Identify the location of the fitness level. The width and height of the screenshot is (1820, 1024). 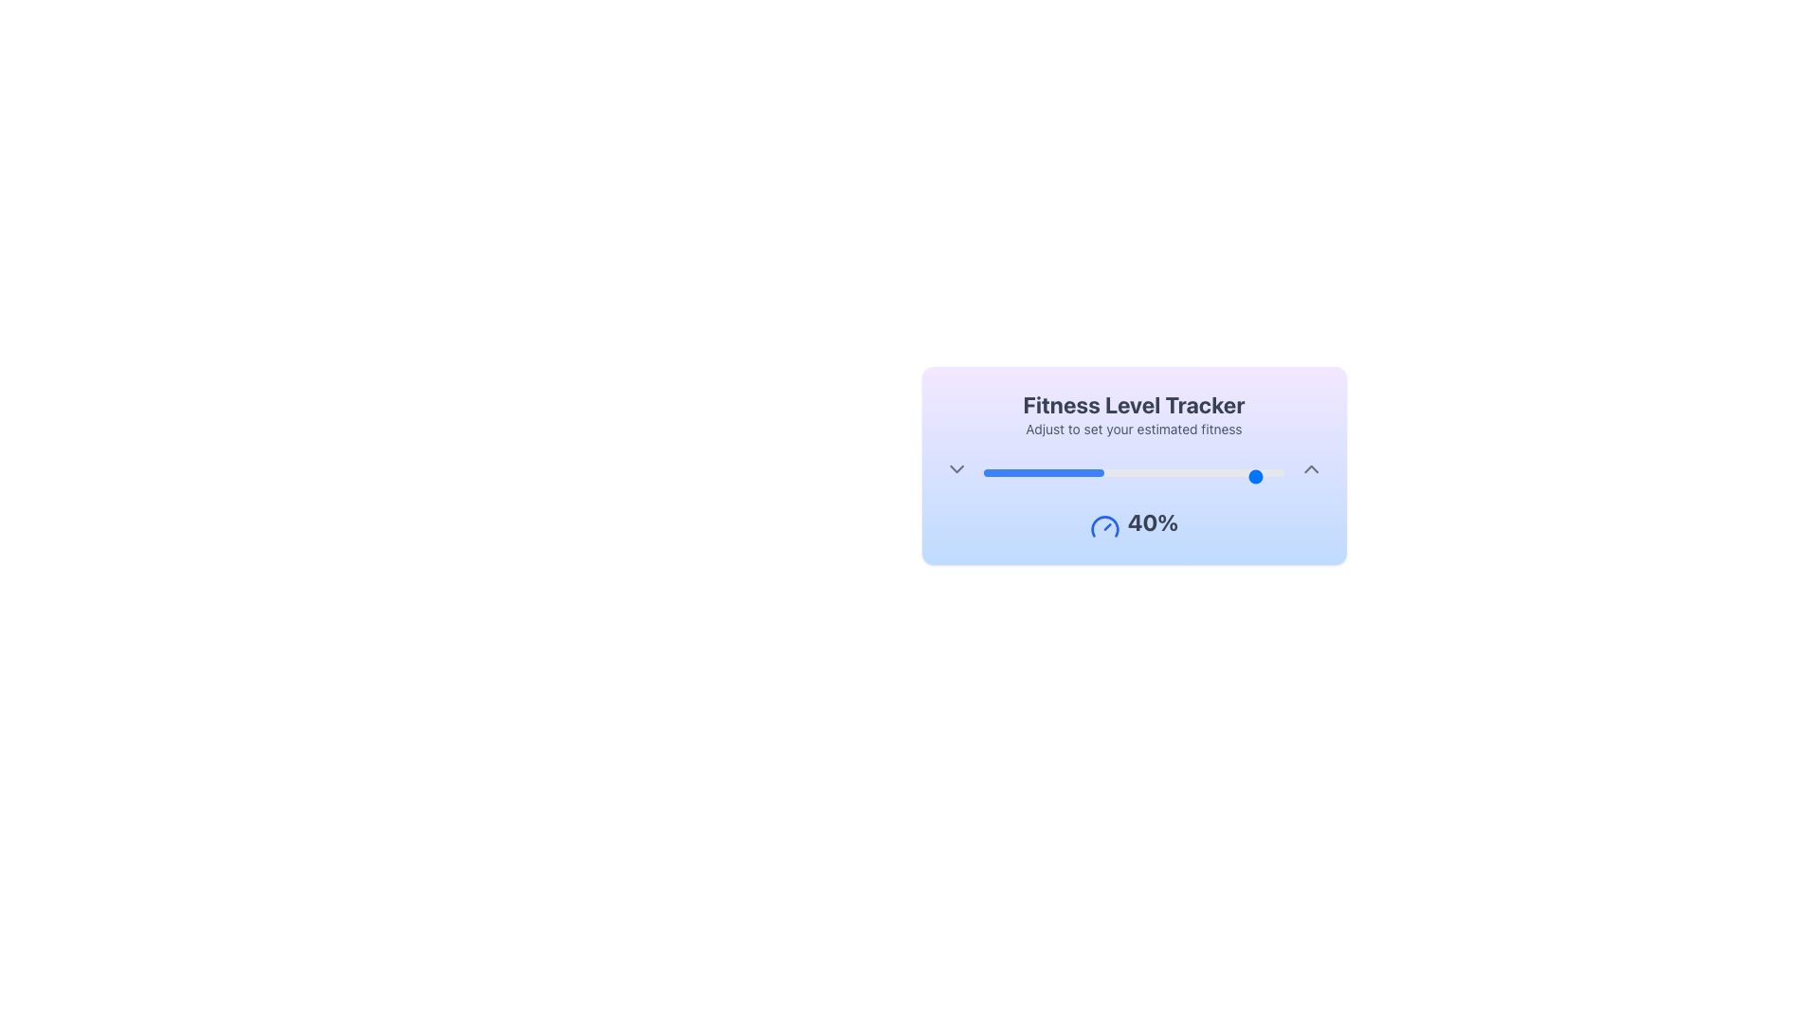
(1266, 471).